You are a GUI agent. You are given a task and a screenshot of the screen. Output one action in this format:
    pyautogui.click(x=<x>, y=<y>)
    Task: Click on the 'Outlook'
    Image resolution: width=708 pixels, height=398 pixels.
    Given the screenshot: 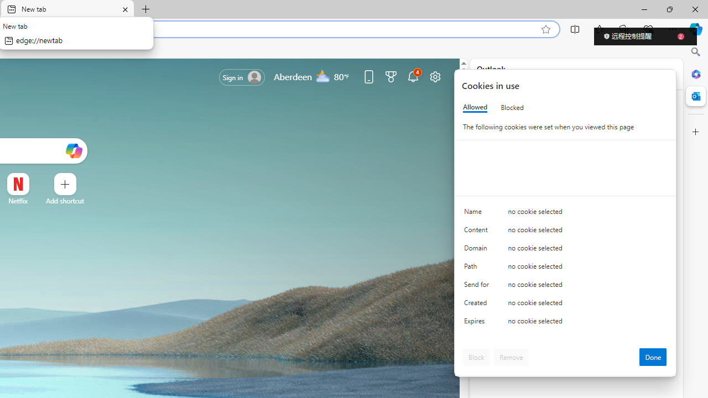 What is the action you would take?
    pyautogui.click(x=695, y=96)
    